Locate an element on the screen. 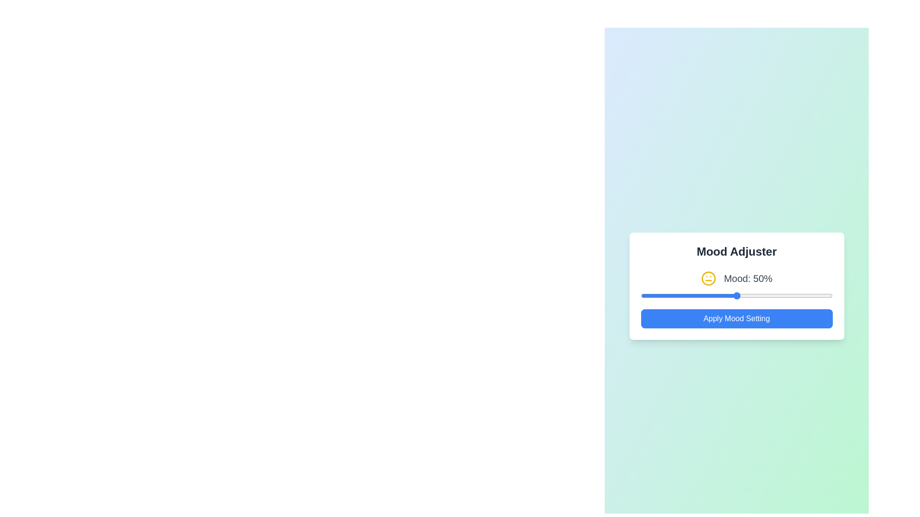 The image size is (920, 517). the mood slider to set the mood value to 99% is located at coordinates (830, 295).